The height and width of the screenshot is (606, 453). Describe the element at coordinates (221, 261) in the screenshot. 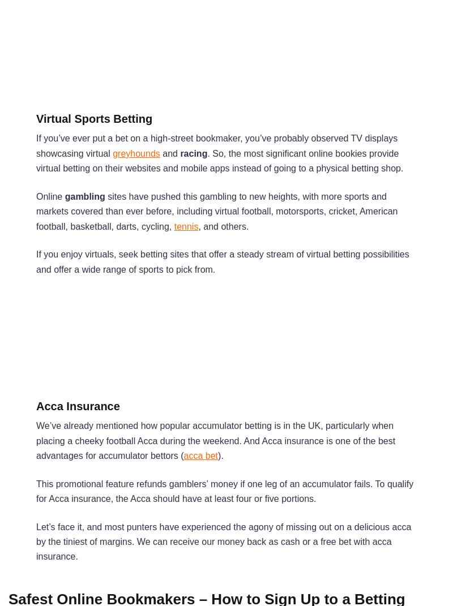

I see `'If you enjoy virtuals, seek betting sites that offer a steady stream of virtual betting possibilities and offer a wide range of sports to pick from.'` at that location.